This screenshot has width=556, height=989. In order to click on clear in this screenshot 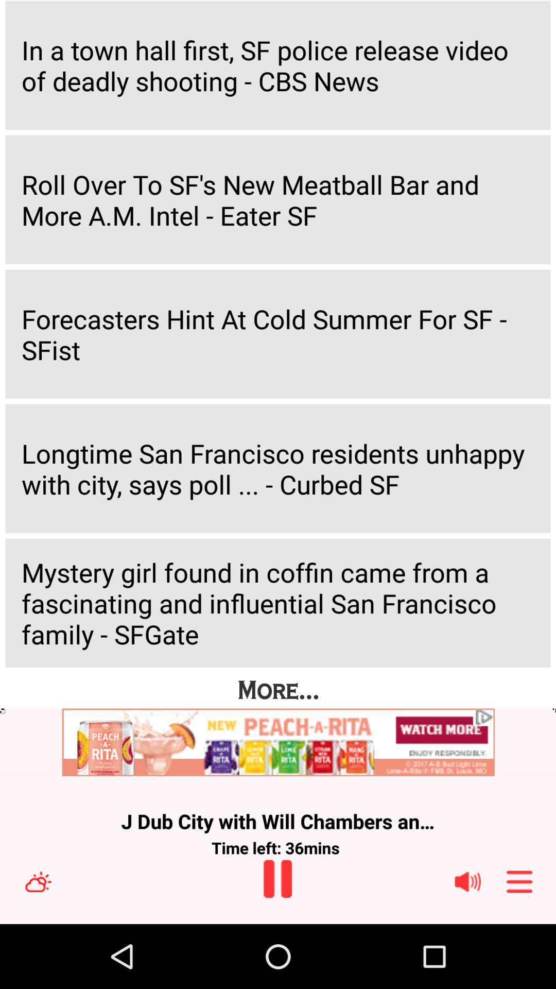, I will do `click(38, 881)`.